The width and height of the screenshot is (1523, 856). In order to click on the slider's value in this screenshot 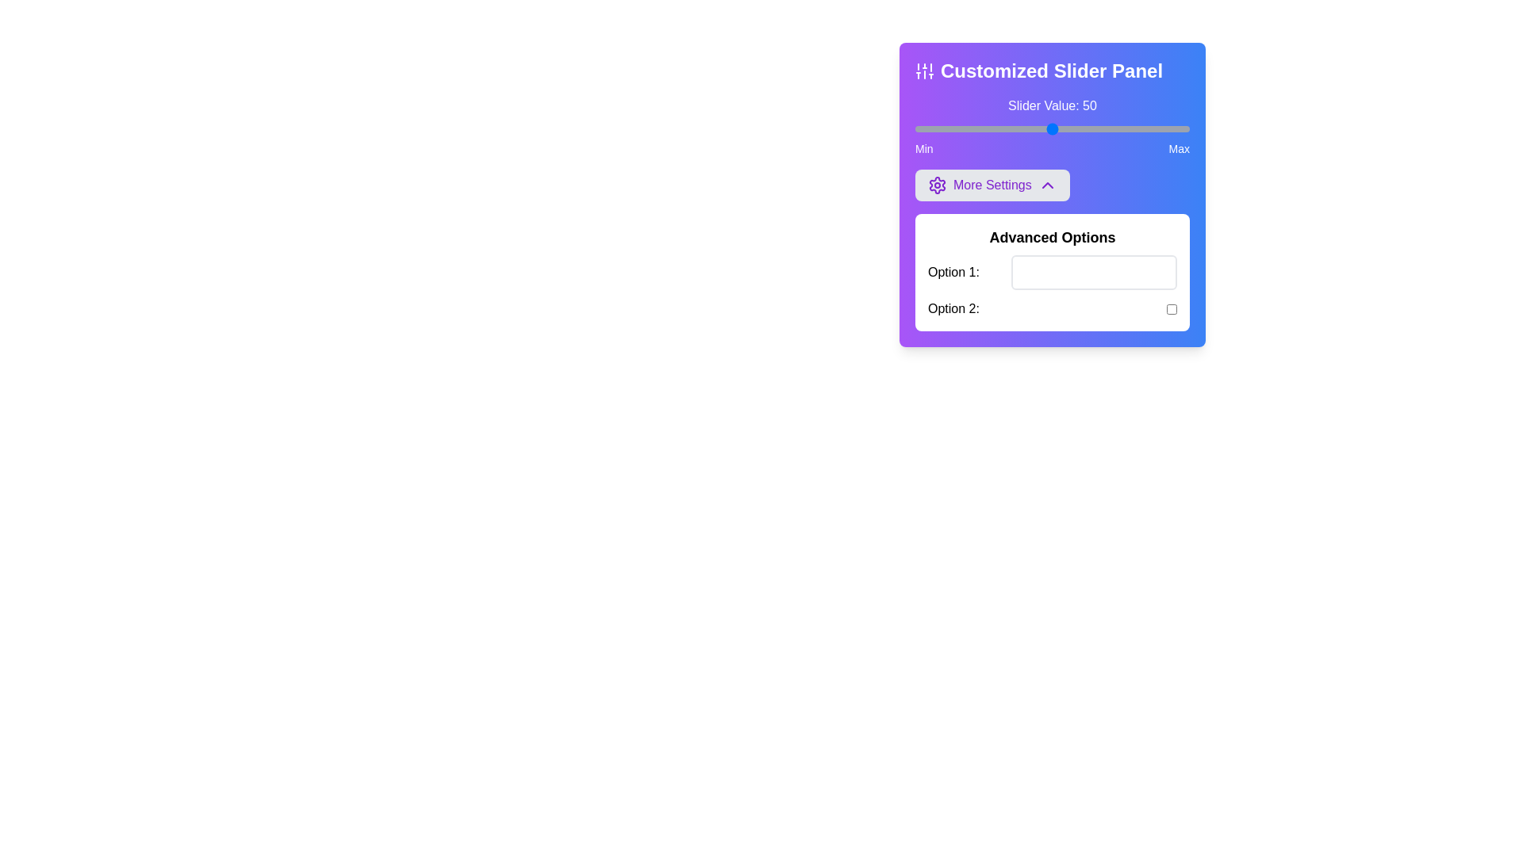, I will do `click(1005, 128)`.